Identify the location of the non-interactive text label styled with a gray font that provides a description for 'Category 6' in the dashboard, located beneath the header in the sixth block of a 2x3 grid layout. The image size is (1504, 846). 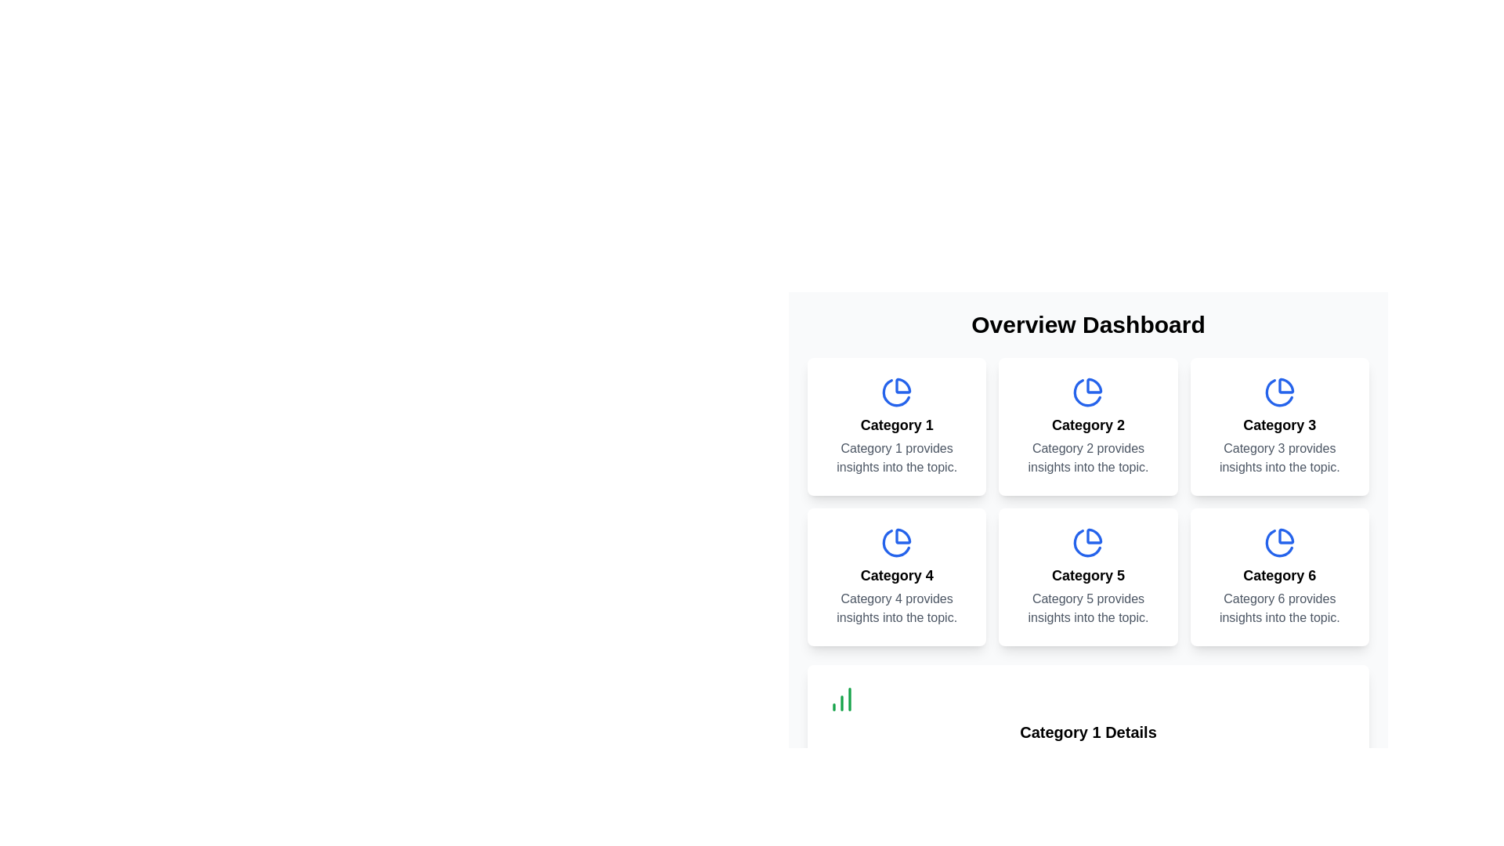
(1279, 607).